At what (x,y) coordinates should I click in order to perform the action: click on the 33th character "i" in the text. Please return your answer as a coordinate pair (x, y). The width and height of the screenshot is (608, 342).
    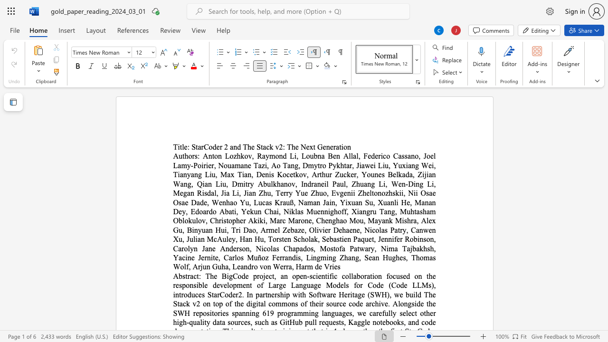
    Looking at the image, I should click on (417, 192).